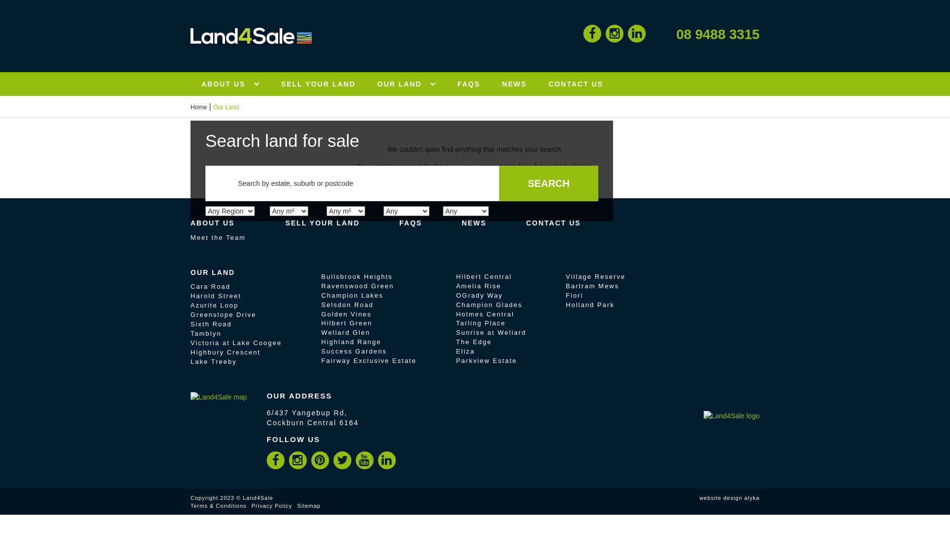  Describe the element at coordinates (491, 332) in the screenshot. I see `'Sunrise at Wellard'` at that location.